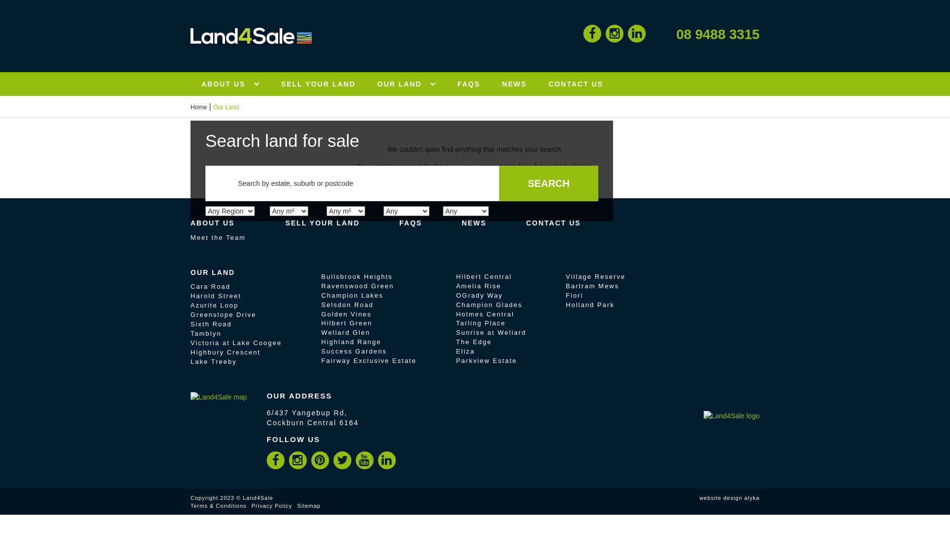  Describe the element at coordinates (491, 332) in the screenshot. I see `'Sunrise at Wellard'` at that location.